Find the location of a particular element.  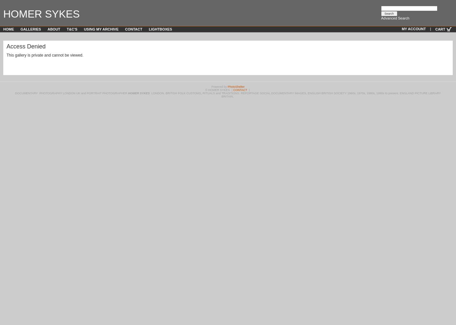

'DOCUMENTARY  PHOTOGRAPHY LONDON UK and PORTRAIT PHOTOGRAPHER' is located at coordinates (71, 93).